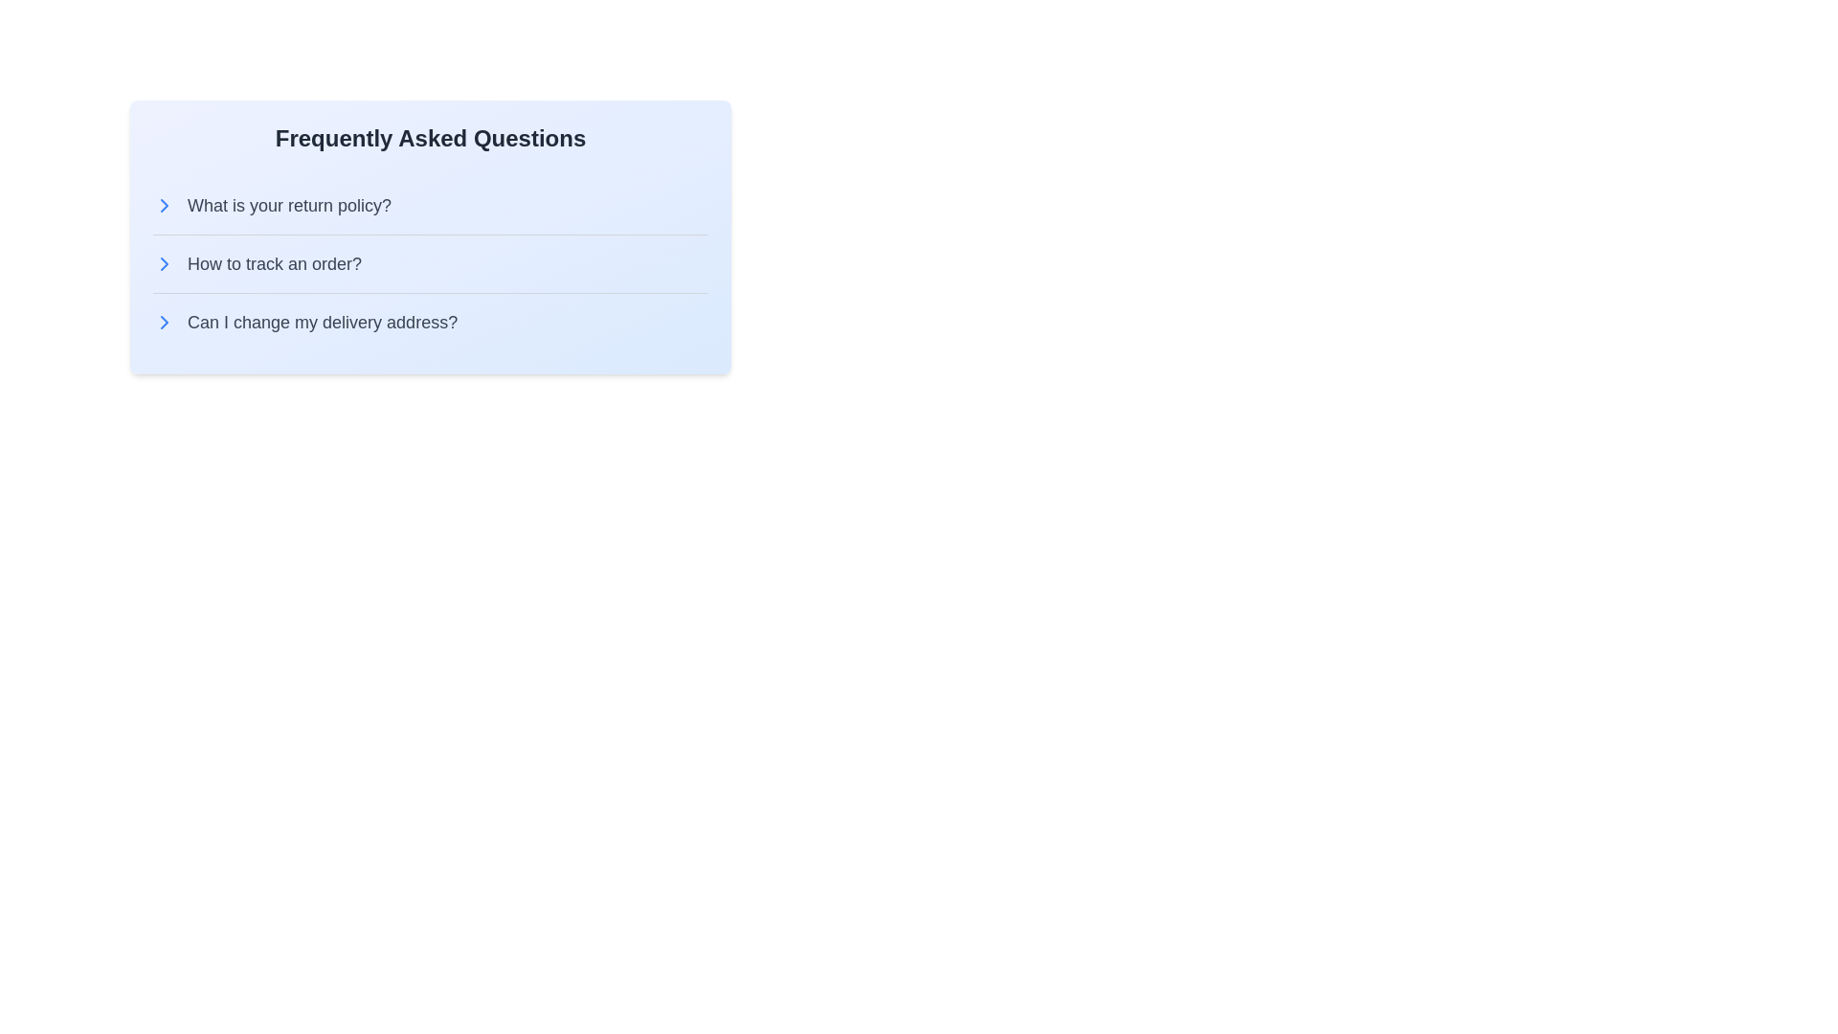 The image size is (1838, 1034). What do you see at coordinates (165, 264) in the screenshot?
I see `the FAQ icon for the item 'How to track an order?' which is located to the left of the corresponding text in the FAQ section` at bounding box center [165, 264].